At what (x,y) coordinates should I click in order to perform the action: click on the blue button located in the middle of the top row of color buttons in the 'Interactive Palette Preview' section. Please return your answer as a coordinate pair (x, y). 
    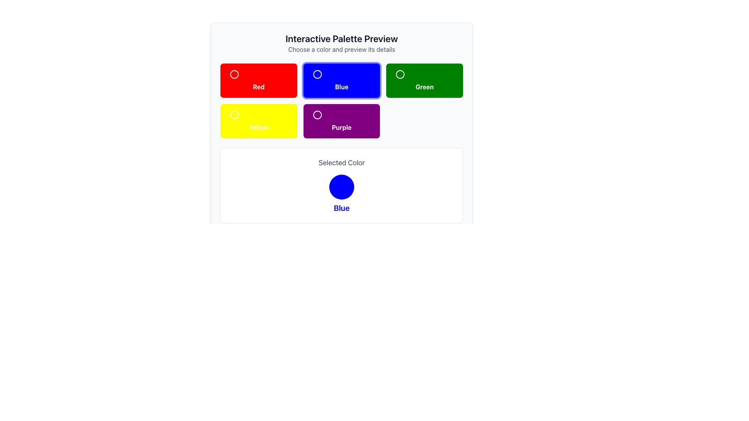
    Looking at the image, I should click on (341, 74).